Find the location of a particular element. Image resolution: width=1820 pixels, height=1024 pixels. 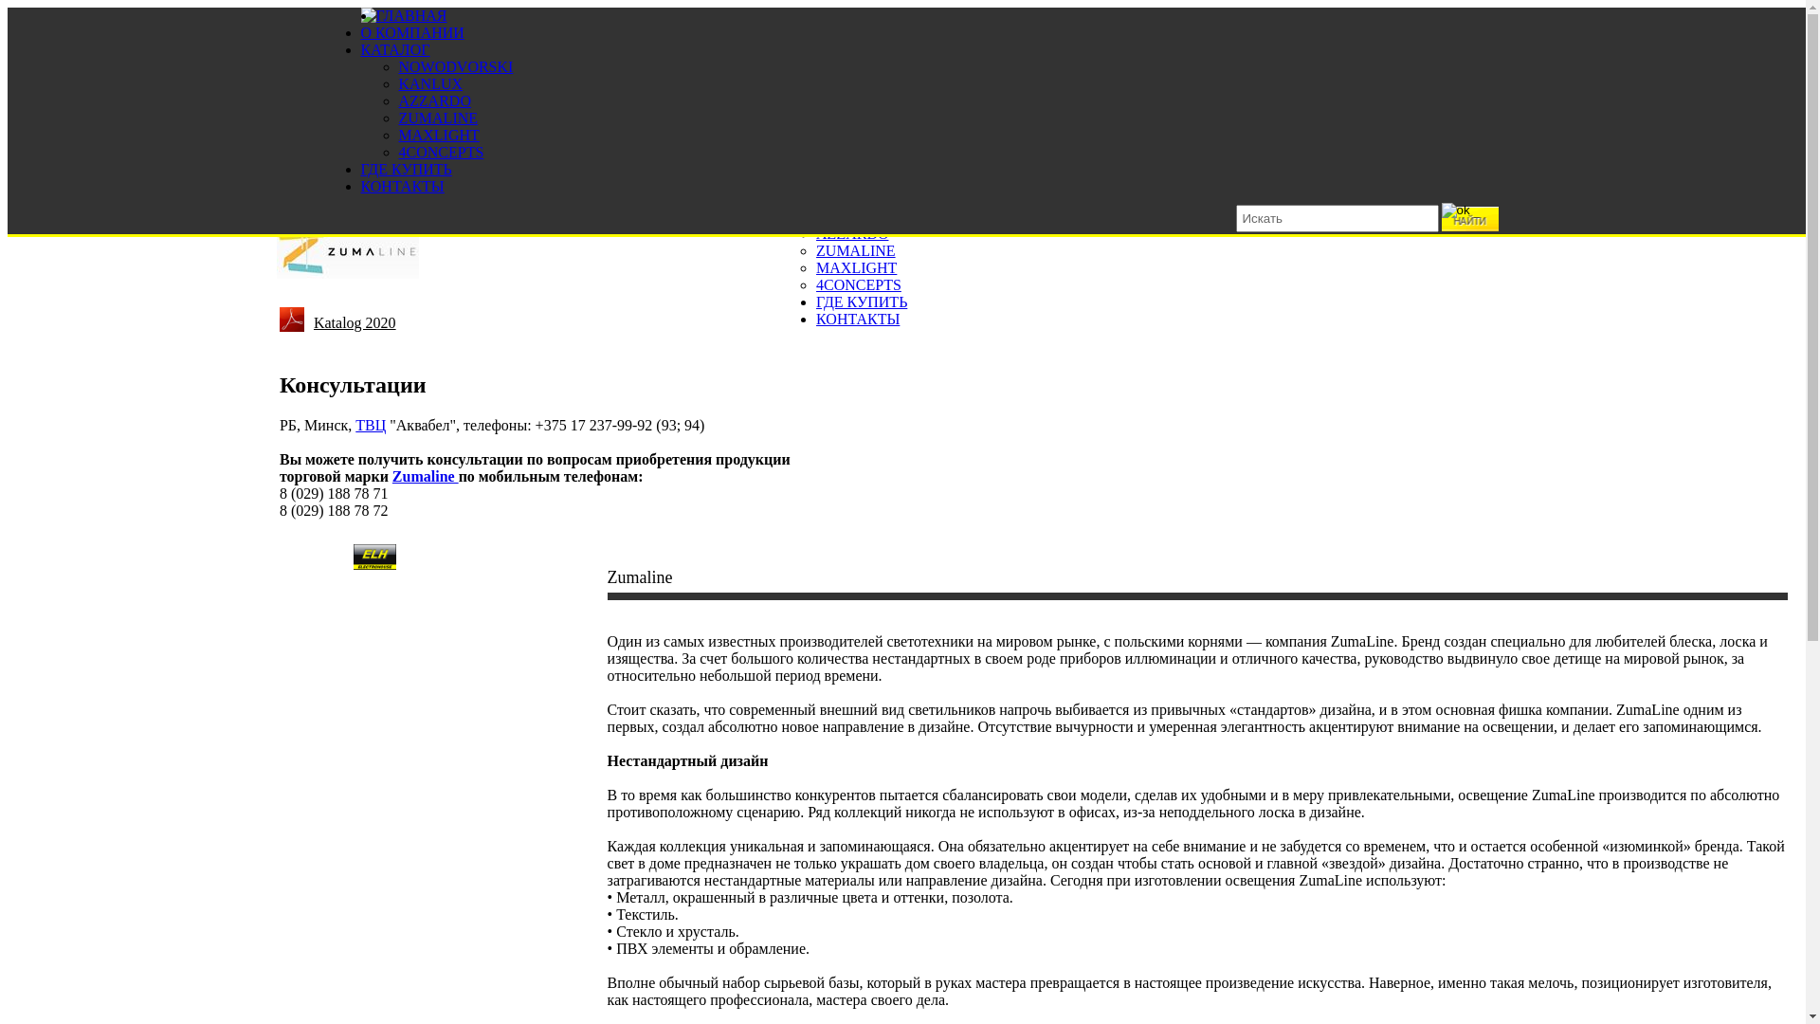

'ZUMALINE' is located at coordinates (854, 249).